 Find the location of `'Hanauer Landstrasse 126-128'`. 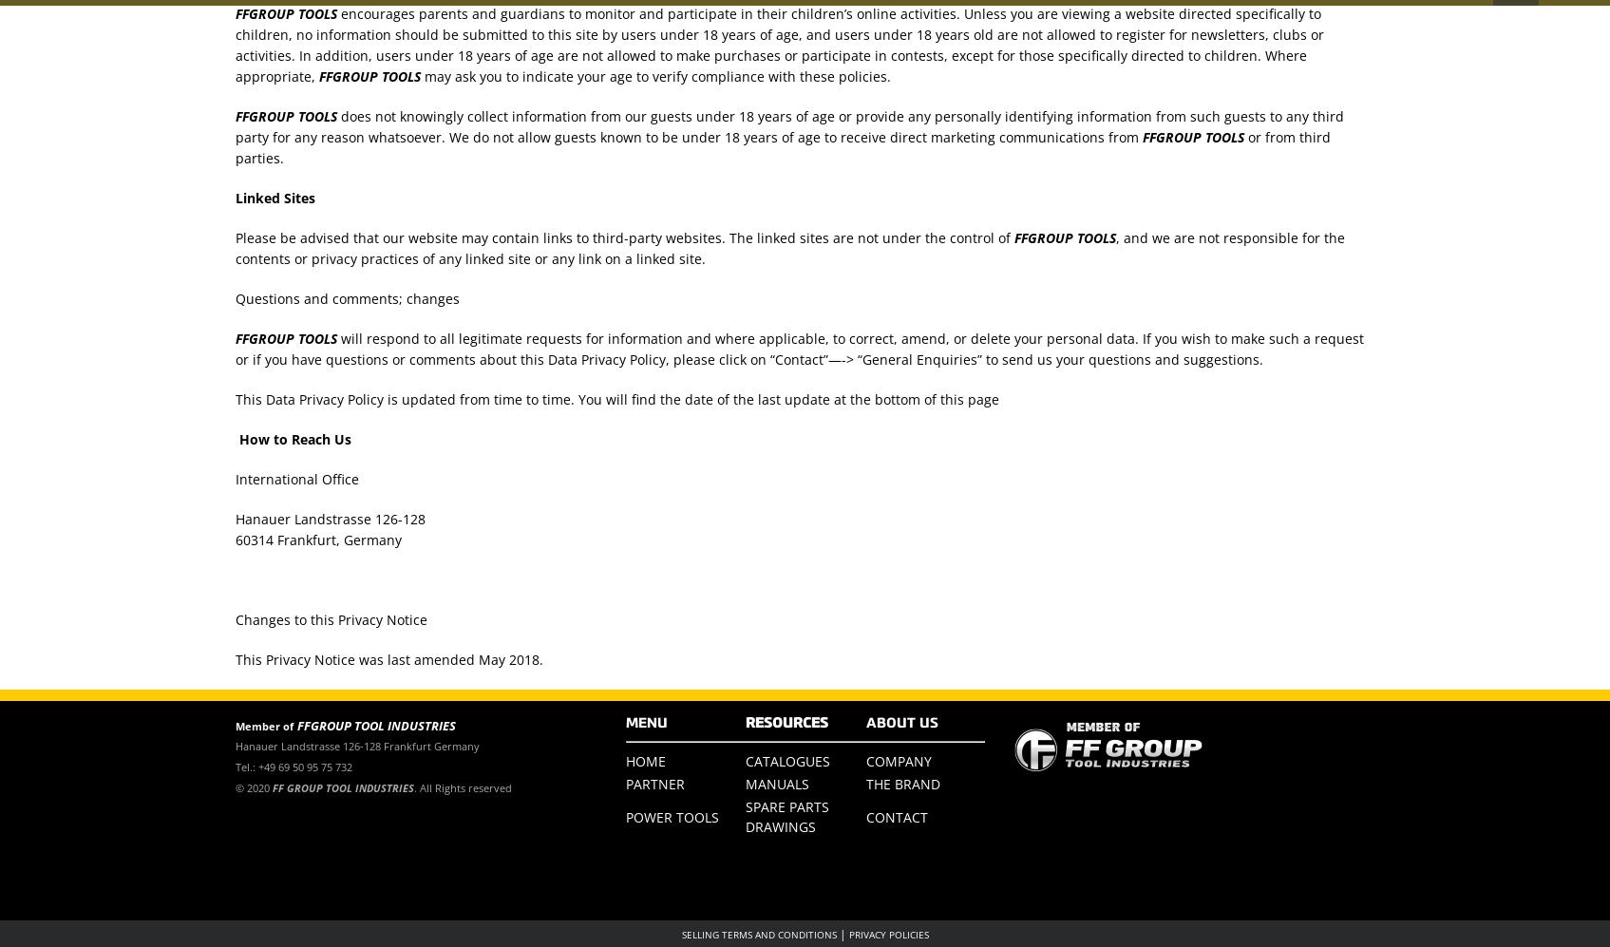

'Hanauer Landstrasse 126-128' is located at coordinates (328, 518).